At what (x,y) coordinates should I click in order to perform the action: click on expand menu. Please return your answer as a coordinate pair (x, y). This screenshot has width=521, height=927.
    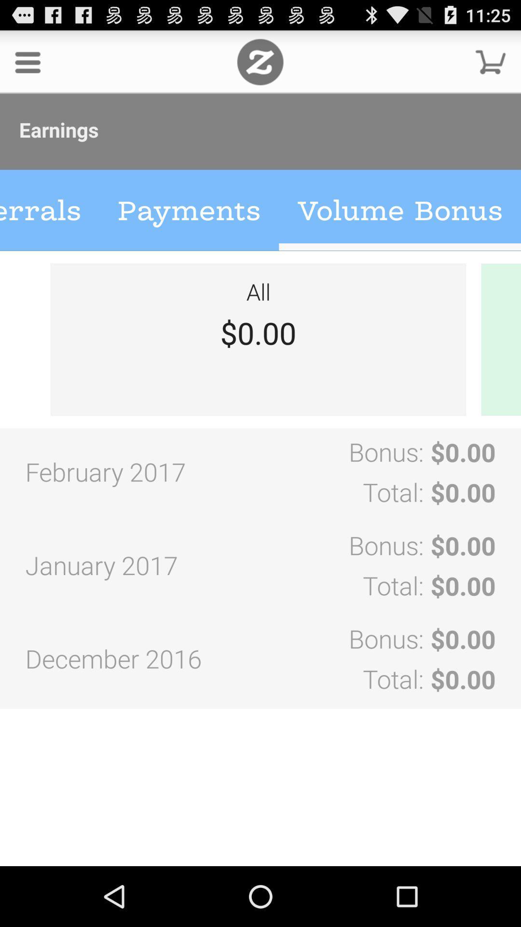
    Looking at the image, I should click on (27, 61).